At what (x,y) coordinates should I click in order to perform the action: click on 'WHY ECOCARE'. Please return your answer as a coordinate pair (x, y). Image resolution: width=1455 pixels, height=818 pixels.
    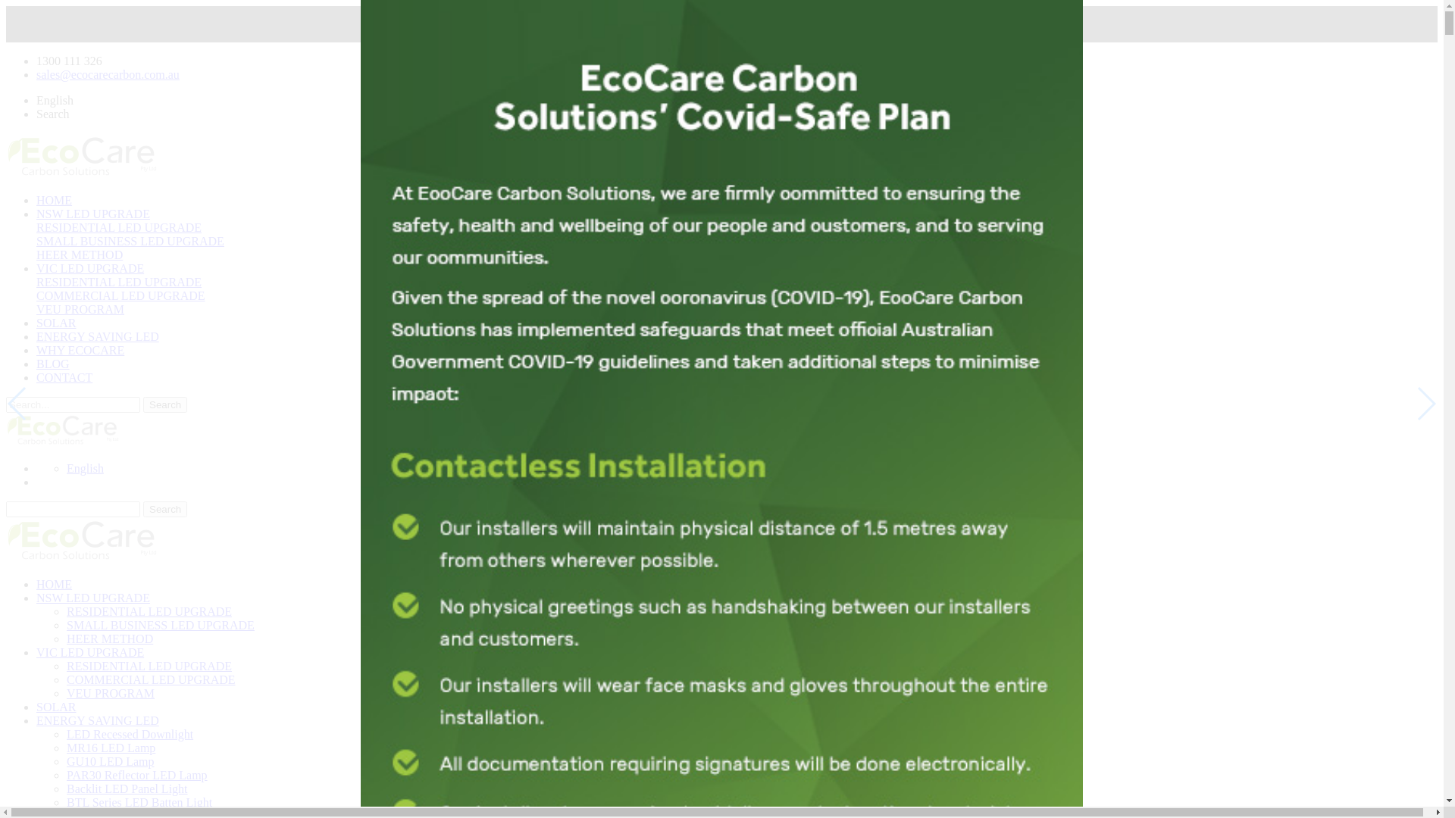
    Looking at the image, I should click on (79, 350).